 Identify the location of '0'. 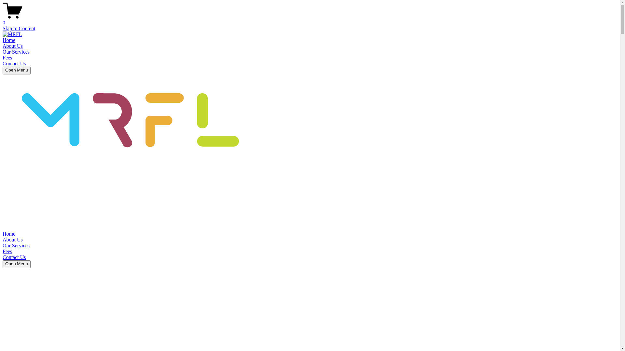
(310, 19).